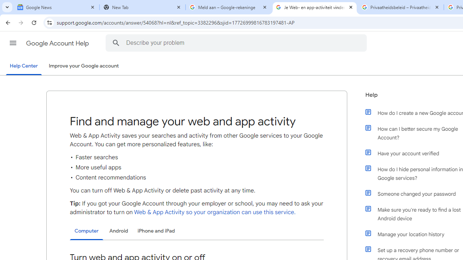  What do you see at coordinates (84, 66) in the screenshot?
I see `'Improve your Google account'` at bounding box center [84, 66].